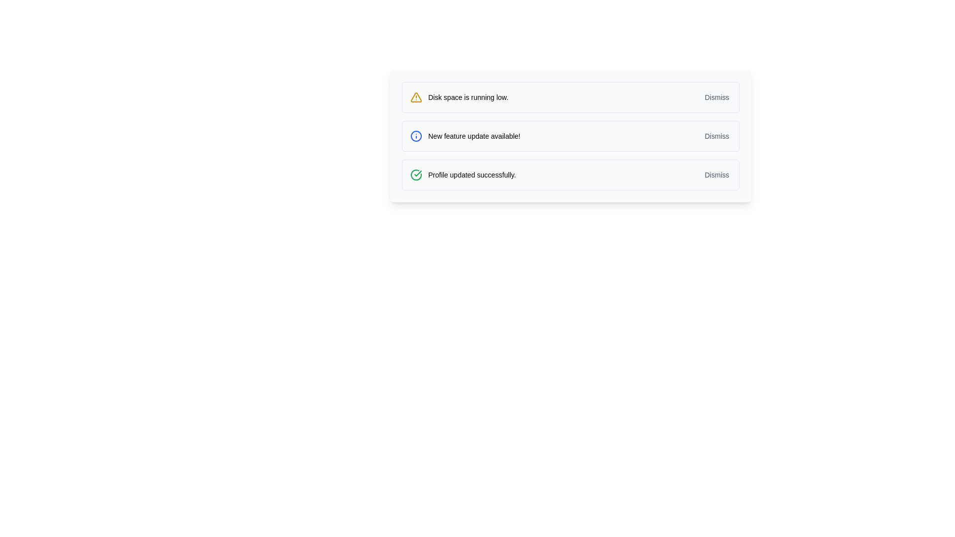 The image size is (955, 537). What do you see at coordinates (472, 174) in the screenshot?
I see `message displayed in the text label that says 'Profile updated successfully.' which is situated in the third notification card from the top, adjacent to a green success icon` at bounding box center [472, 174].